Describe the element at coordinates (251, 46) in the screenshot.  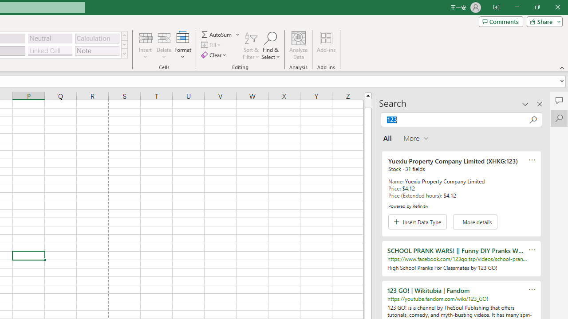
I see `'Sort & Filter'` at that location.